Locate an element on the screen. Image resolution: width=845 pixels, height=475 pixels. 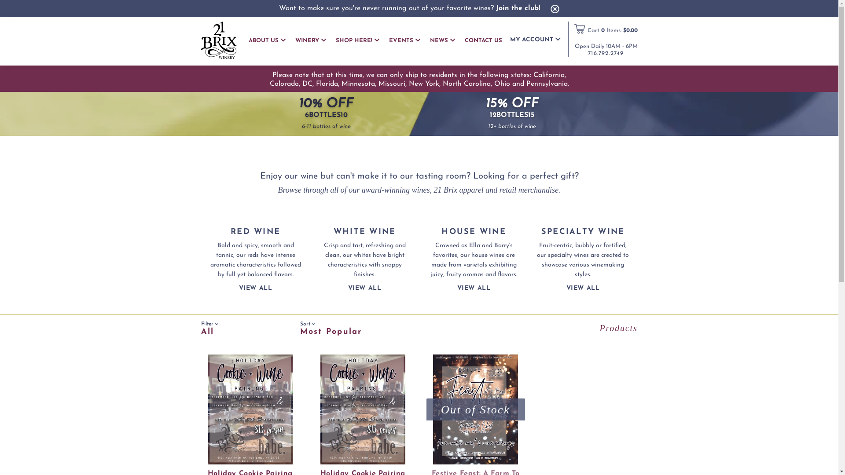
'NEWS' is located at coordinates (442, 40).